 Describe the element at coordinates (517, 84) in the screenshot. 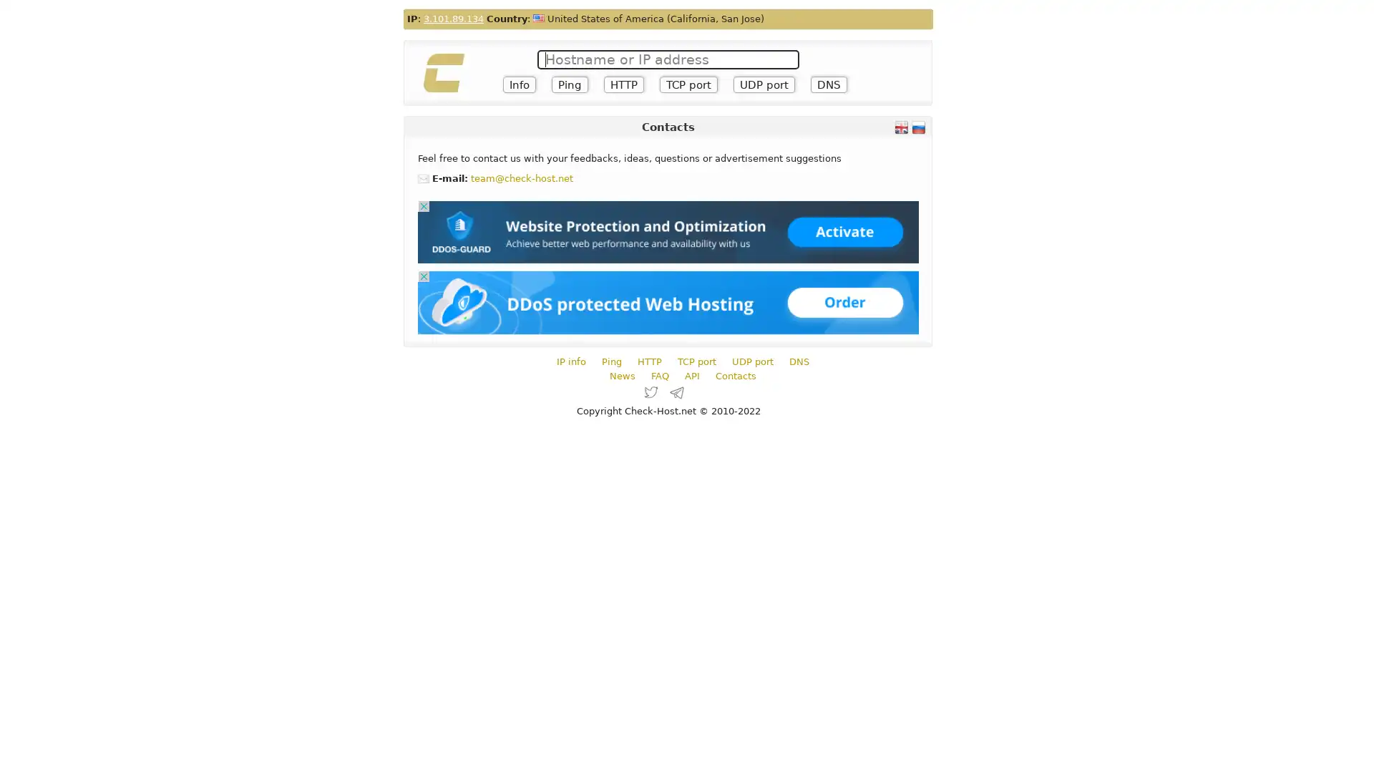

I see `Info` at that location.